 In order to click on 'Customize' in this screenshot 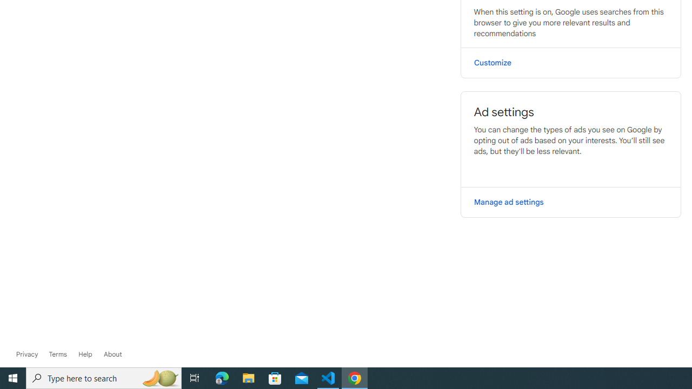, I will do `click(570, 63)`.